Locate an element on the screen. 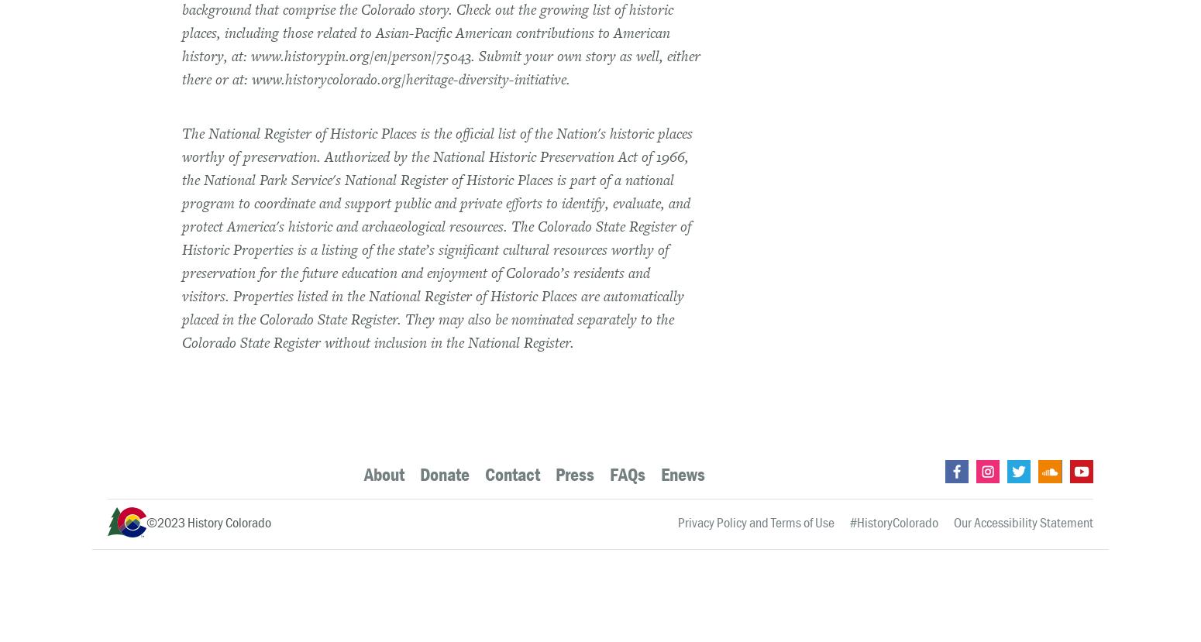 Image resolution: width=1201 pixels, height=642 pixels. '©2023 History Colorado' is located at coordinates (208, 520).